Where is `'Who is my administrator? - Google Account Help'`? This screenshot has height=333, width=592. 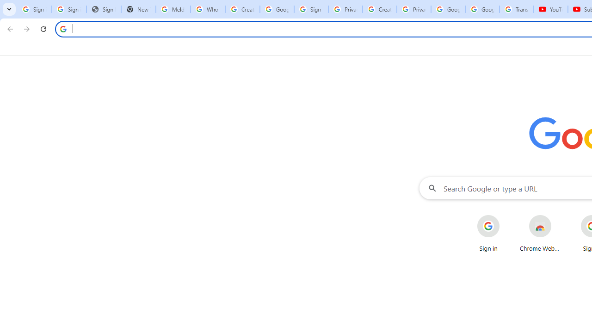 'Who is my administrator? - Google Account Help' is located at coordinates (207, 9).